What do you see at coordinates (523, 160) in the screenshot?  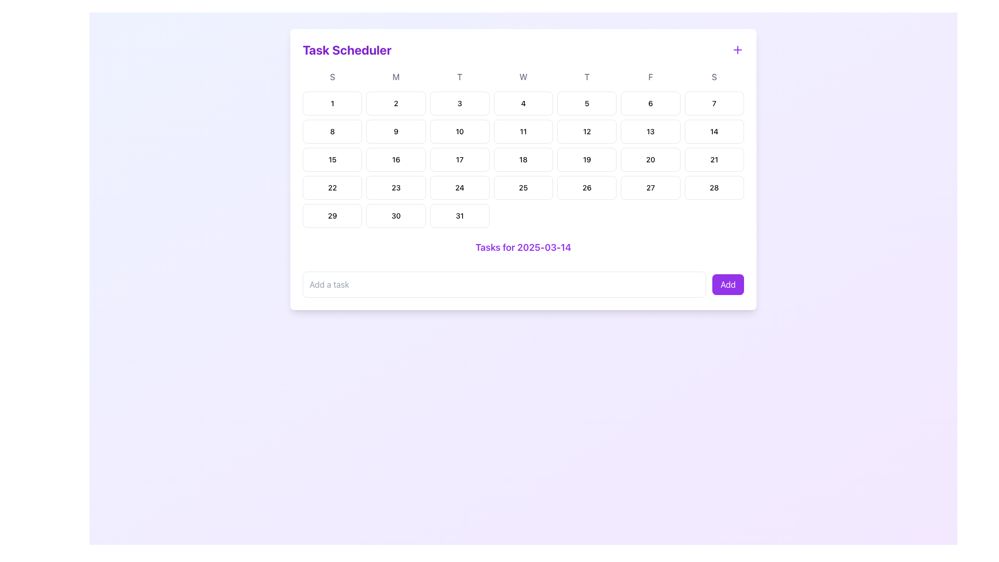 I see `the date in the monthly calendar view displayed in the Grid of buttons, which allows users` at bounding box center [523, 160].